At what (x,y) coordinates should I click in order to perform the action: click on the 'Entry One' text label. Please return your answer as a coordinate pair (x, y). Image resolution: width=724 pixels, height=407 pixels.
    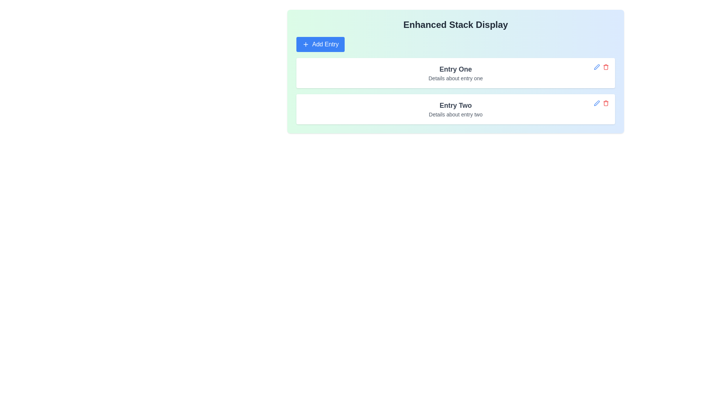
    Looking at the image, I should click on (455, 69).